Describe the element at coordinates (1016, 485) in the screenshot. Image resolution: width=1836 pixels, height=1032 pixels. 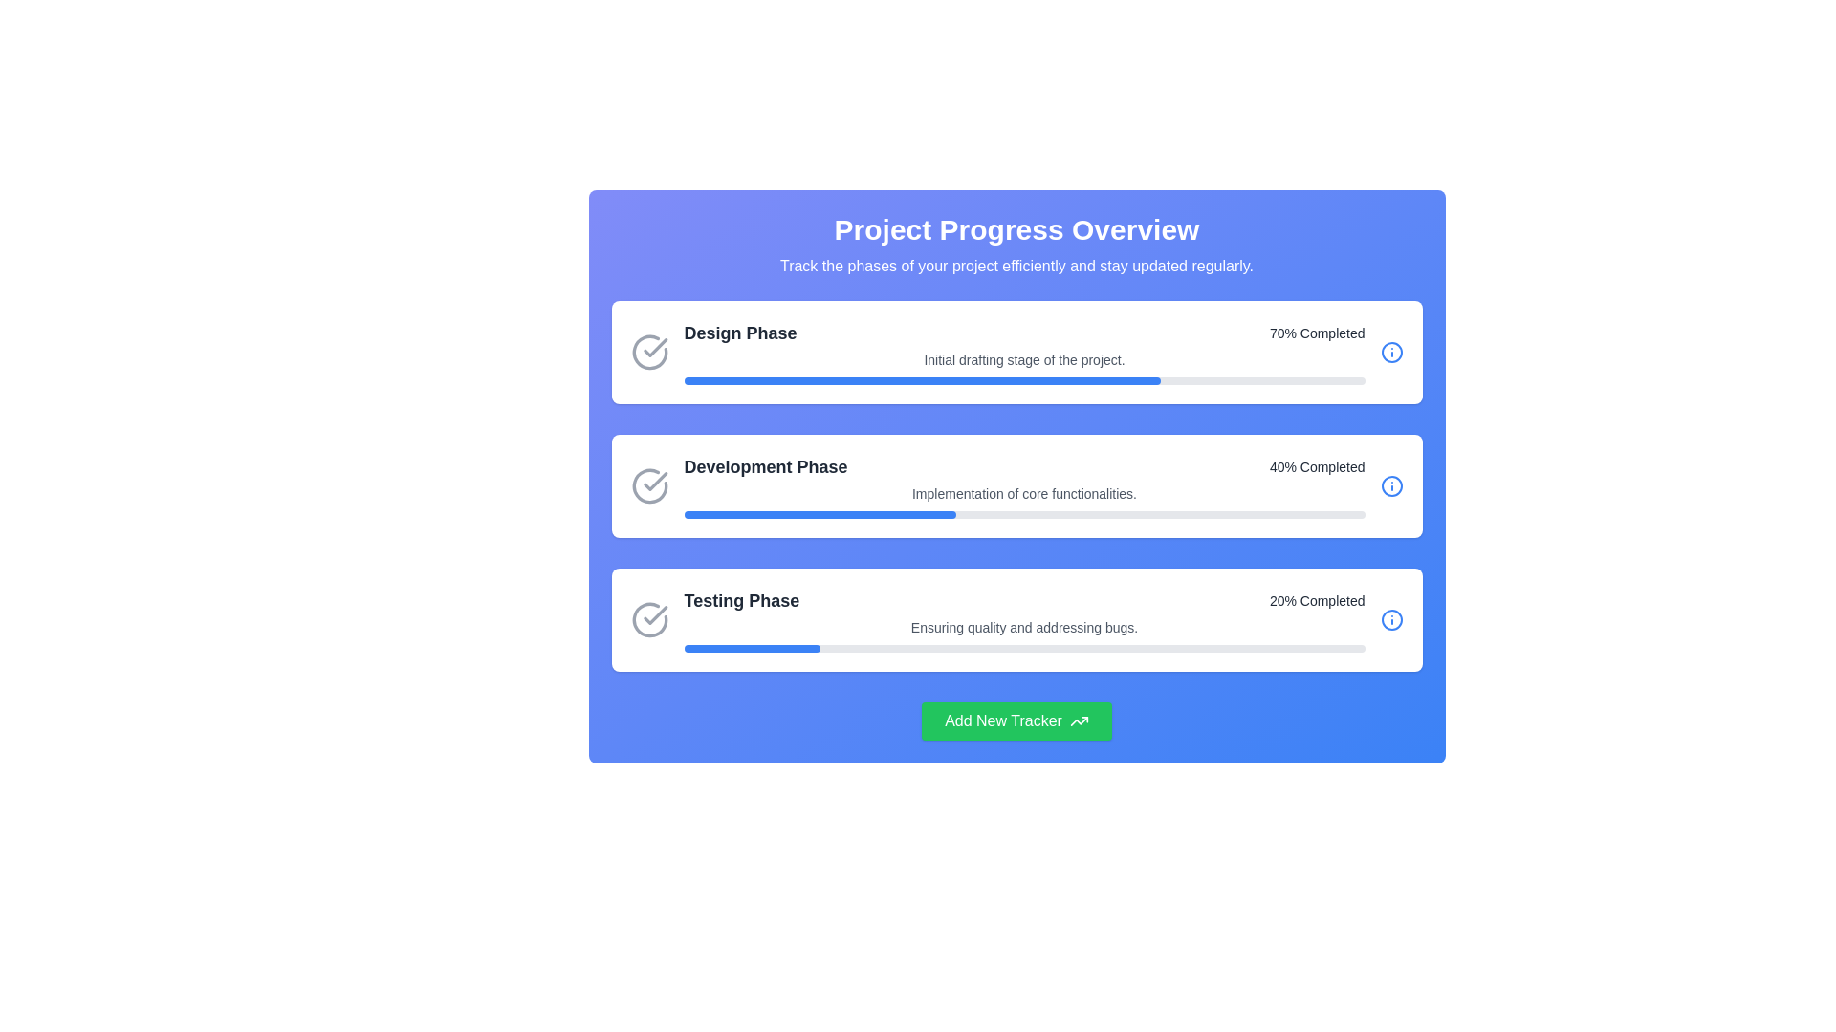
I see `the Progress Indicator Block titled 'Development Phase', which shows '40% Completed' and a blue progress bar filled to 40%` at that location.